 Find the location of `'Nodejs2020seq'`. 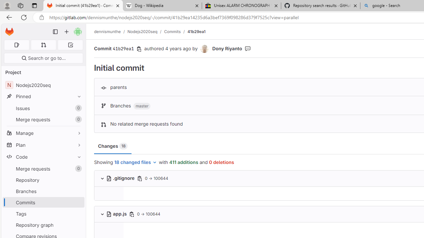

'Nodejs2020seq' is located at coordinates (142, 31).